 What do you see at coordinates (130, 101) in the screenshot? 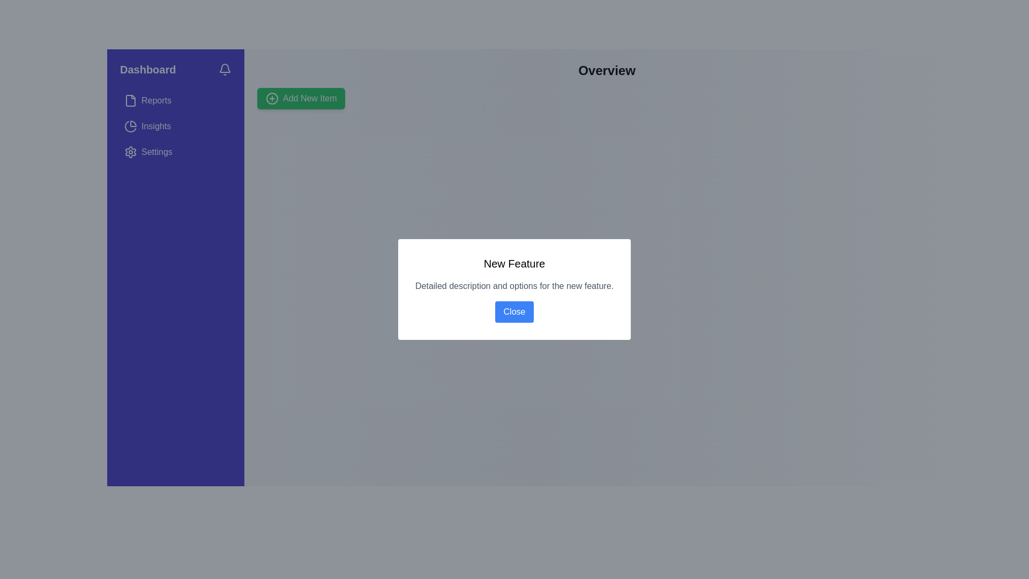
I see `the document icon, which is represented as a rectangular shape with a fold at the top right corner, located in the vertical navigation bar on the left, above the 'Reports' text` at bounding box center [130, 101].